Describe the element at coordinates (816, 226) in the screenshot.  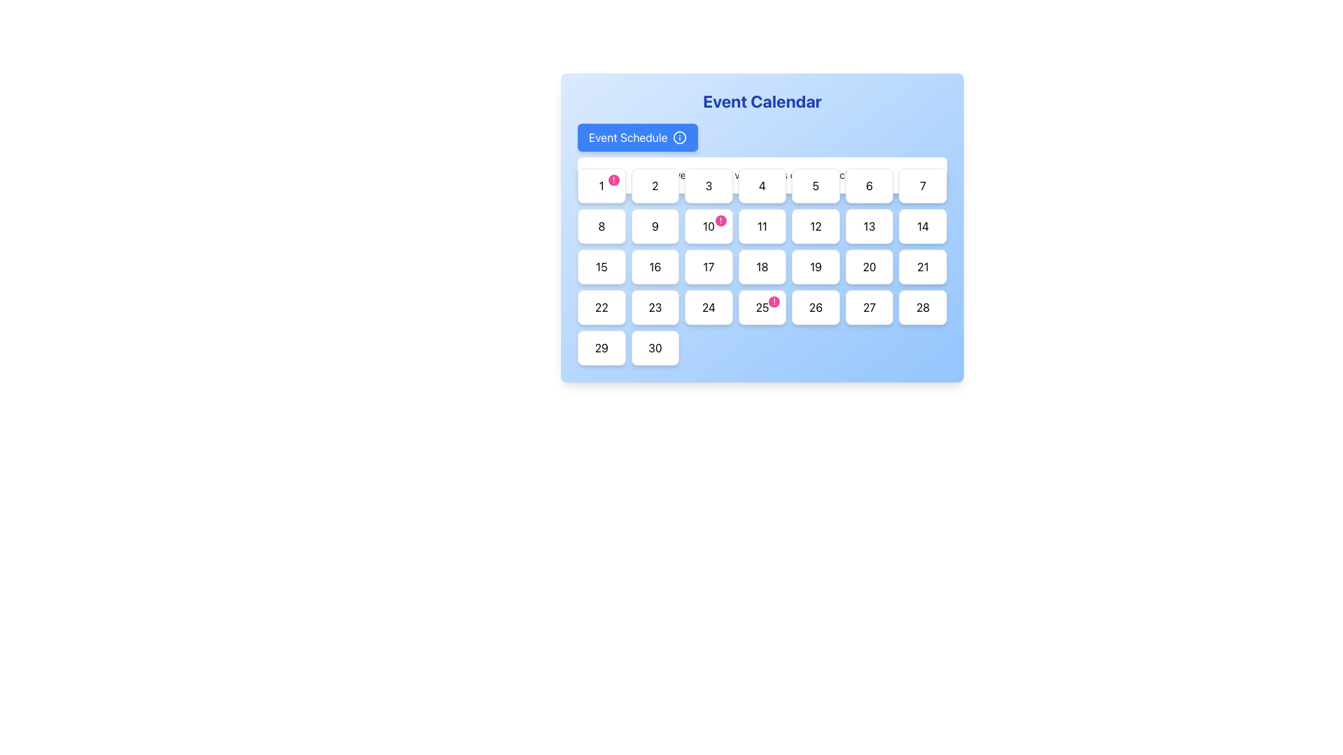
I see `the square button labeled '12' with a white background and black text` at that location.